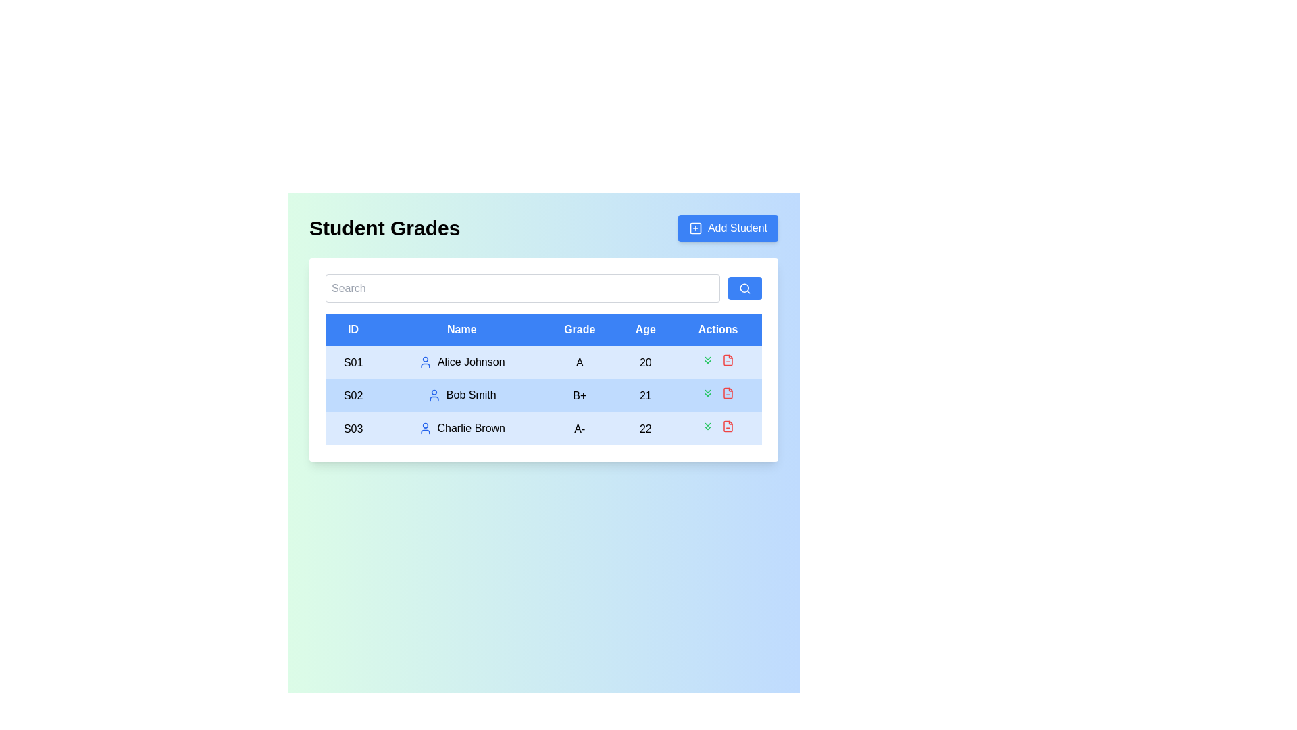 Image resolution: width=1297 pixels, height=730 pixels. I want to click on the Text label displaying the age of 'Bob Smith' in the fourth cell of the second row of the table under the 'Age' column, so click(644, 395).